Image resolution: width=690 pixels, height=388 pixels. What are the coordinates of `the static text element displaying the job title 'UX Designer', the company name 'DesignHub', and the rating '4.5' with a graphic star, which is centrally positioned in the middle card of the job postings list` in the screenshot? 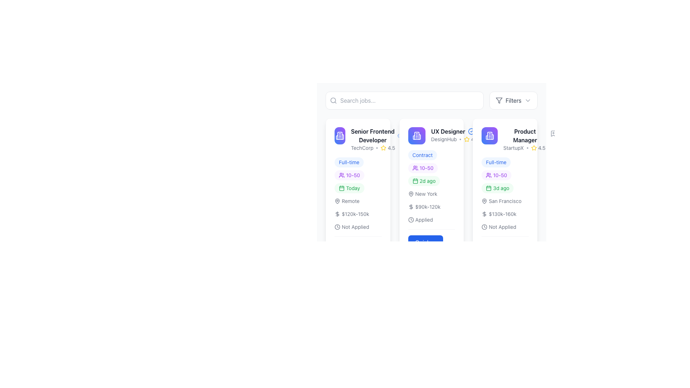 It's located at (454, 135).